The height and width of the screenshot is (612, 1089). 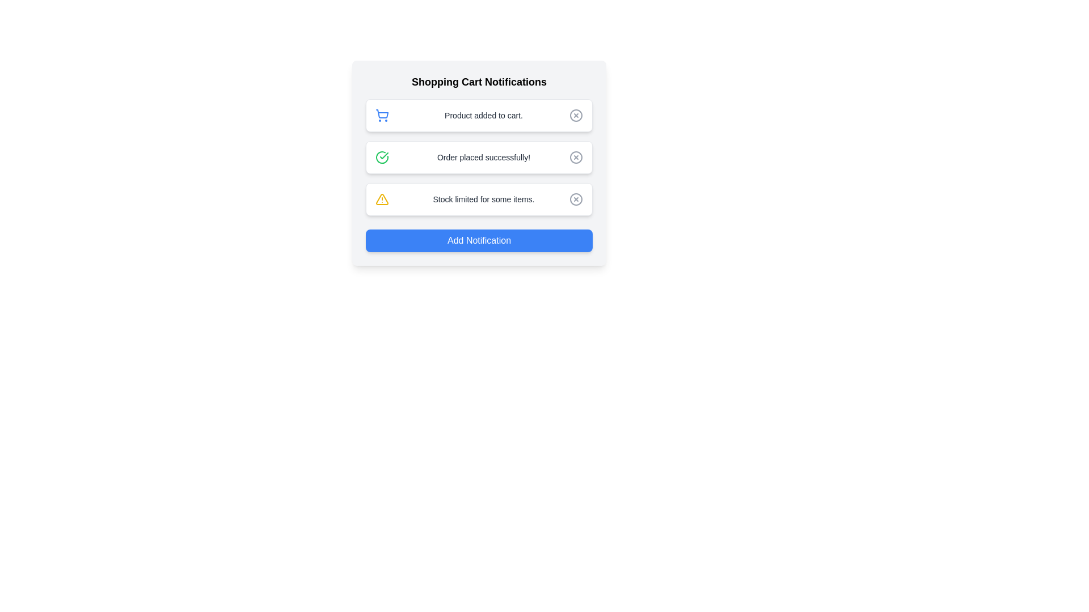 I want to click on the dismiss button located at the right side of the 'Order placed successfully!' notification card, so click(x=576, y=157).